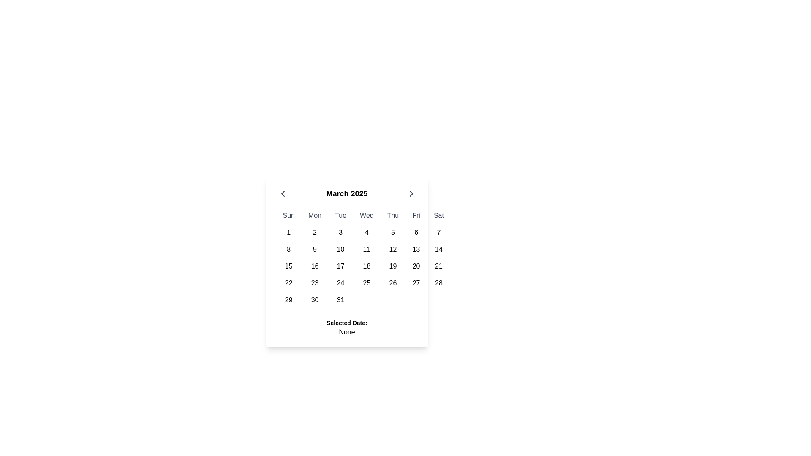  I want to click on the navigation arrow located to the right of the title 'March 2025' in the calendar interface, so click(411, 194).